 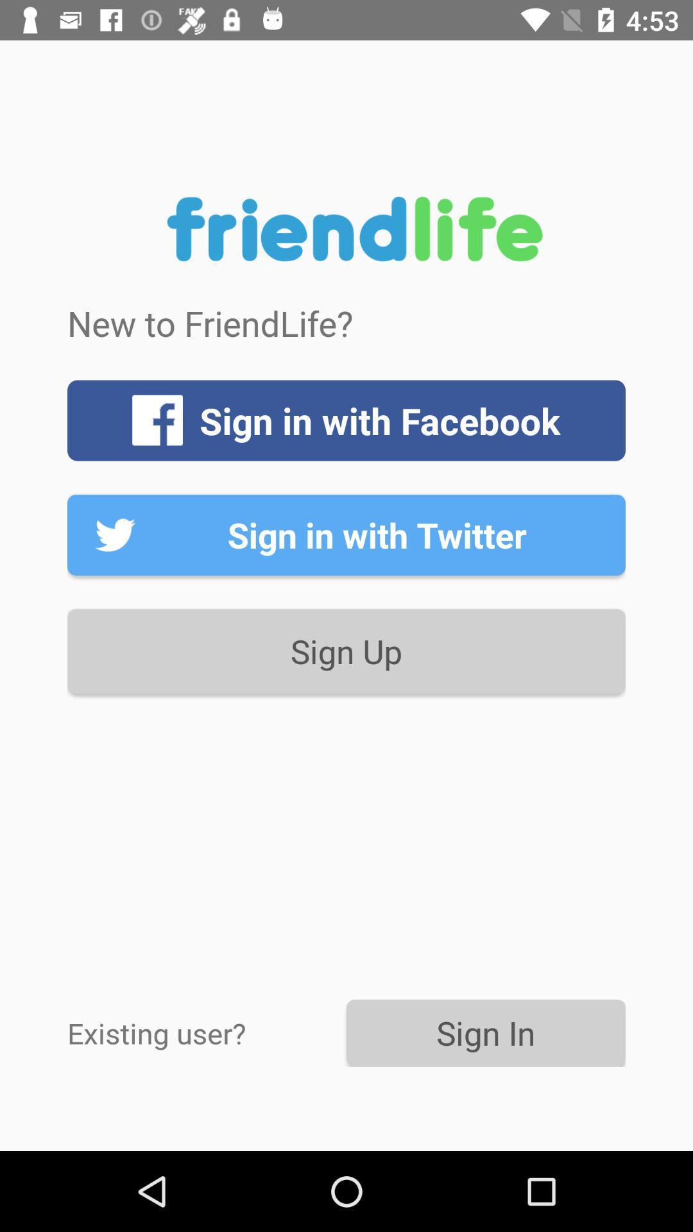 What do you see at coordinates (346, 651) in the screenshot?
I see `the sign up` at bounding box center [346, 651].